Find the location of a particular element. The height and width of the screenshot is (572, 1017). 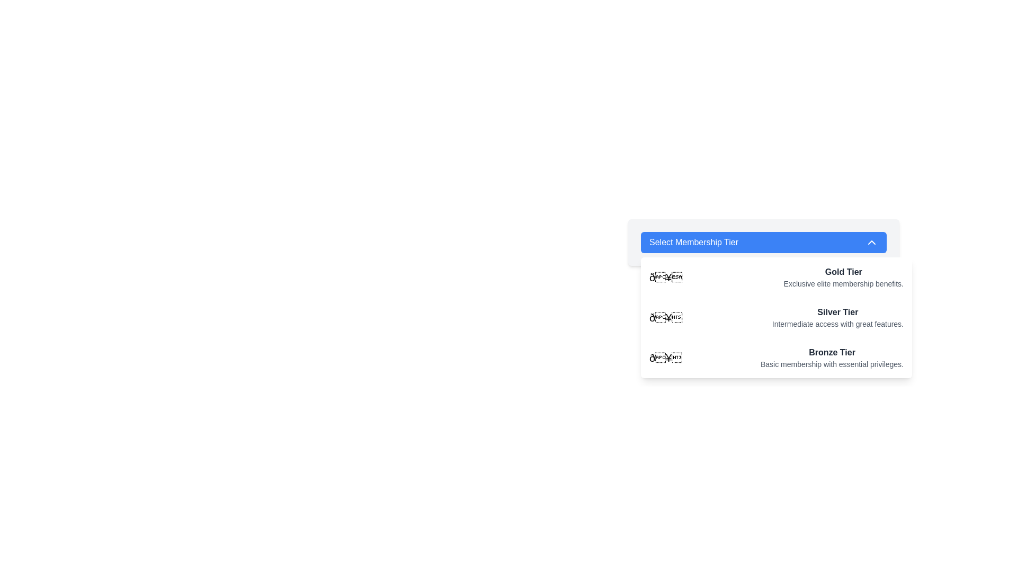

the decorative visual symbol or icon representing the 'Bronze Tier' membership, located at the start of the row to the left of the 'Bronze Tier' text is located at coordinates (665, 358).